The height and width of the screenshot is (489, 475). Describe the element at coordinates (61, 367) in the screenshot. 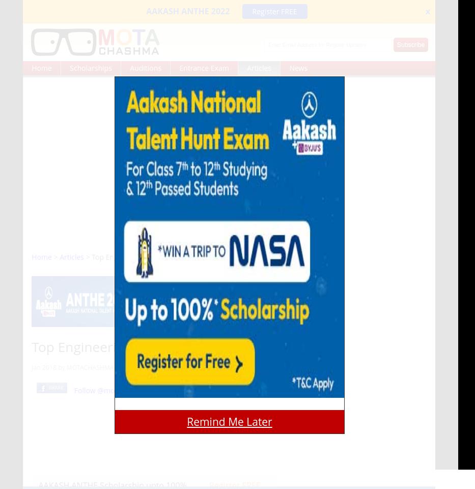

I see `'by'` at that location.